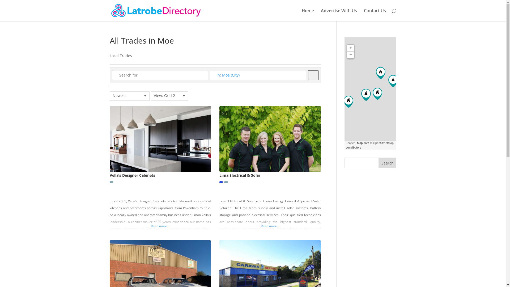 The width and height of the screenshot is (510, 287). I want to click on 'OpenStreetMap', so click(383, 142).